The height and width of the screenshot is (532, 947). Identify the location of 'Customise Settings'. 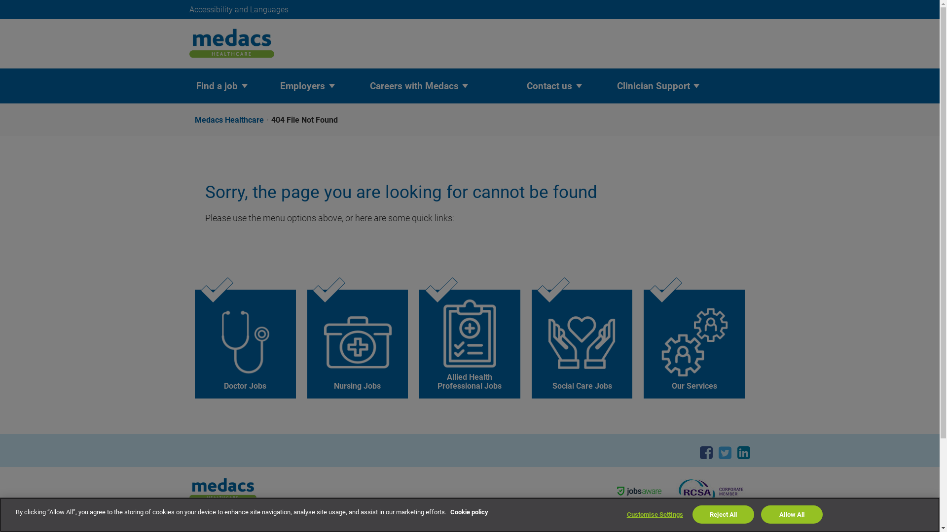
(655, 514).